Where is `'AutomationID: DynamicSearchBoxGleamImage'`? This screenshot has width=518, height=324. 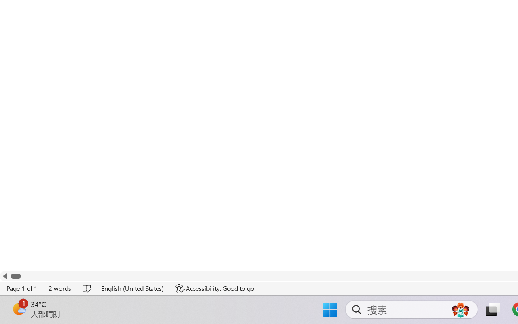
'AutomationID: DynamicSearchBoxGleamImage' is located at coordinates (461, 309).